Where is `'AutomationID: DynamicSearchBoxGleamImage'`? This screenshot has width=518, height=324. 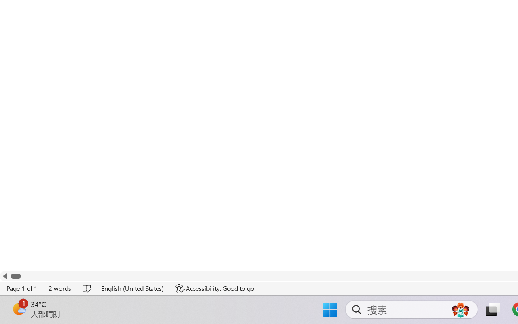
'AutomationID: DynamicSearchBoxGleamImage' is located at coordinates (461, 309).